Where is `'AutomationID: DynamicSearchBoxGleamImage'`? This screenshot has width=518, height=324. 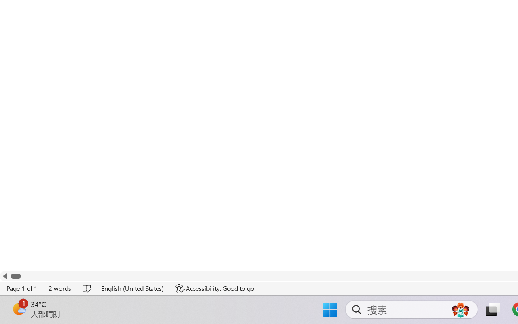
'AutomationID: DynamicSearchBoxGleamImage' is located at coordinates (461, 309).